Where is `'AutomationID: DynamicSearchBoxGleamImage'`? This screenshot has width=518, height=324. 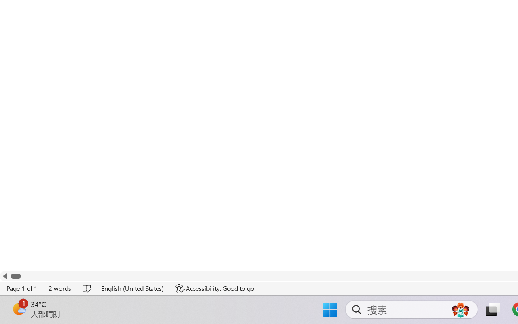
'AutomationID: DynamicSearchBoxGleamImage' is located at coordinates (461, 309).